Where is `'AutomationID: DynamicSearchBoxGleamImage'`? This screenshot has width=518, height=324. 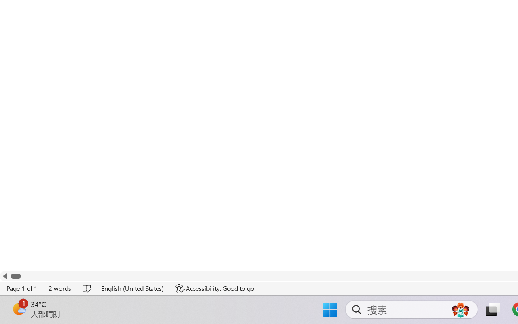
'AutomationID: DynamicSearchBoxGleamImage' is located at coordinates (461, 309).